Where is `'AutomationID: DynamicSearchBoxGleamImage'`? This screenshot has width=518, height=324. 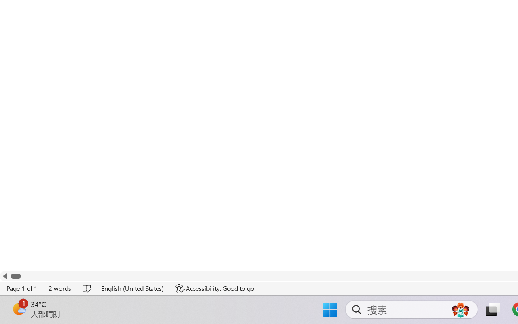
'AutomationID: DynamicSearchBoxGleamImage' is located at coordinates (461, 309).